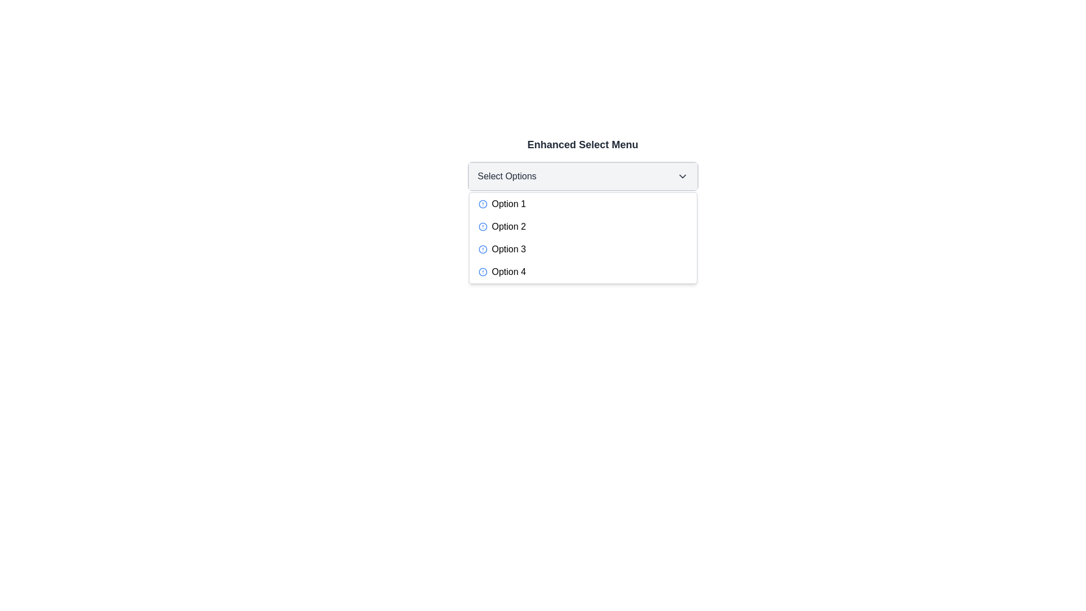  Describe the element at coordinates (501, 204) in the screenshot. I see `the first list item labeled 'Option 1' in the dropdown menu 'Enhanced Select Menu', which features a blue circular icon with an exclamation mark next to the text` at that location.